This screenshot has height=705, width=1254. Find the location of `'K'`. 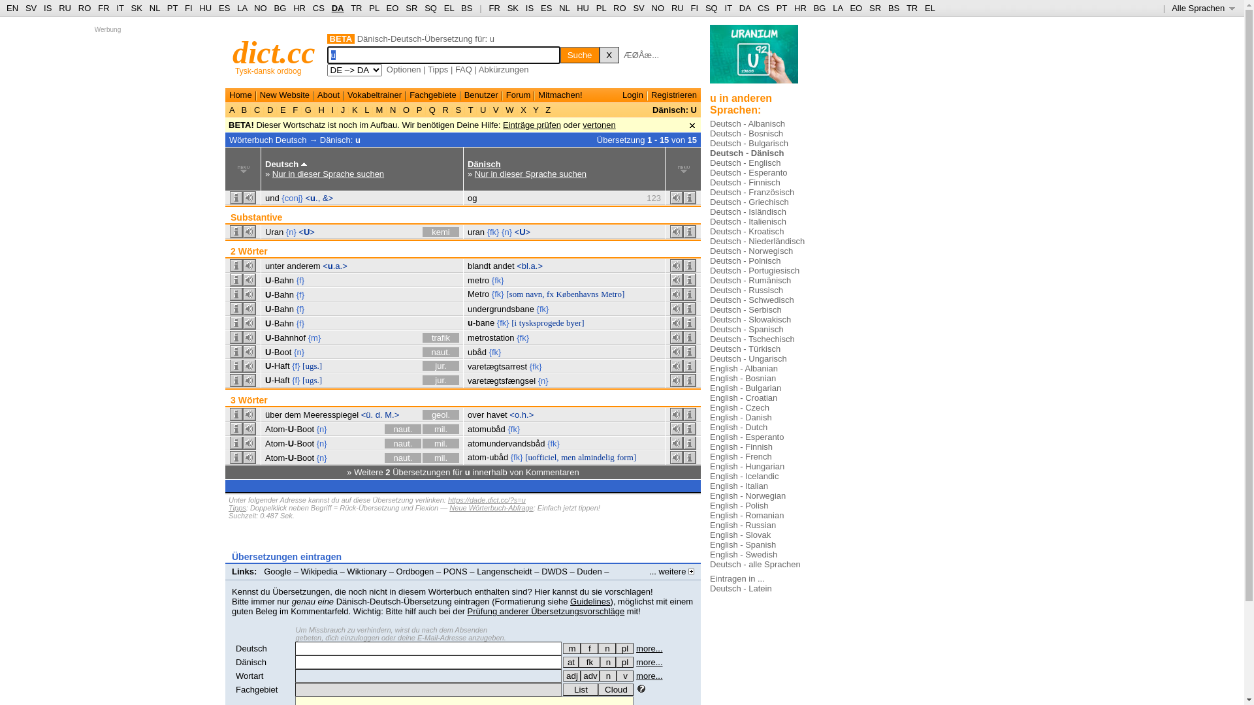

'K' is located at coordinates (354, 109).